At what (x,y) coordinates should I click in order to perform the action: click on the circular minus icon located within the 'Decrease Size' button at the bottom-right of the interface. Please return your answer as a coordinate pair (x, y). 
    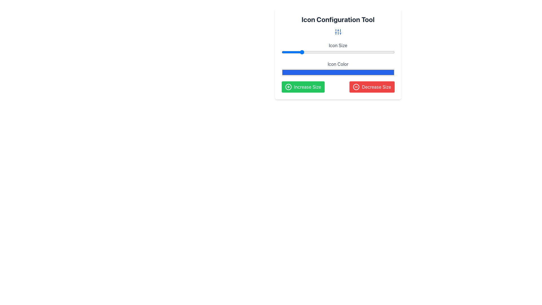
    Looking at the image, I should click on (356, 87).